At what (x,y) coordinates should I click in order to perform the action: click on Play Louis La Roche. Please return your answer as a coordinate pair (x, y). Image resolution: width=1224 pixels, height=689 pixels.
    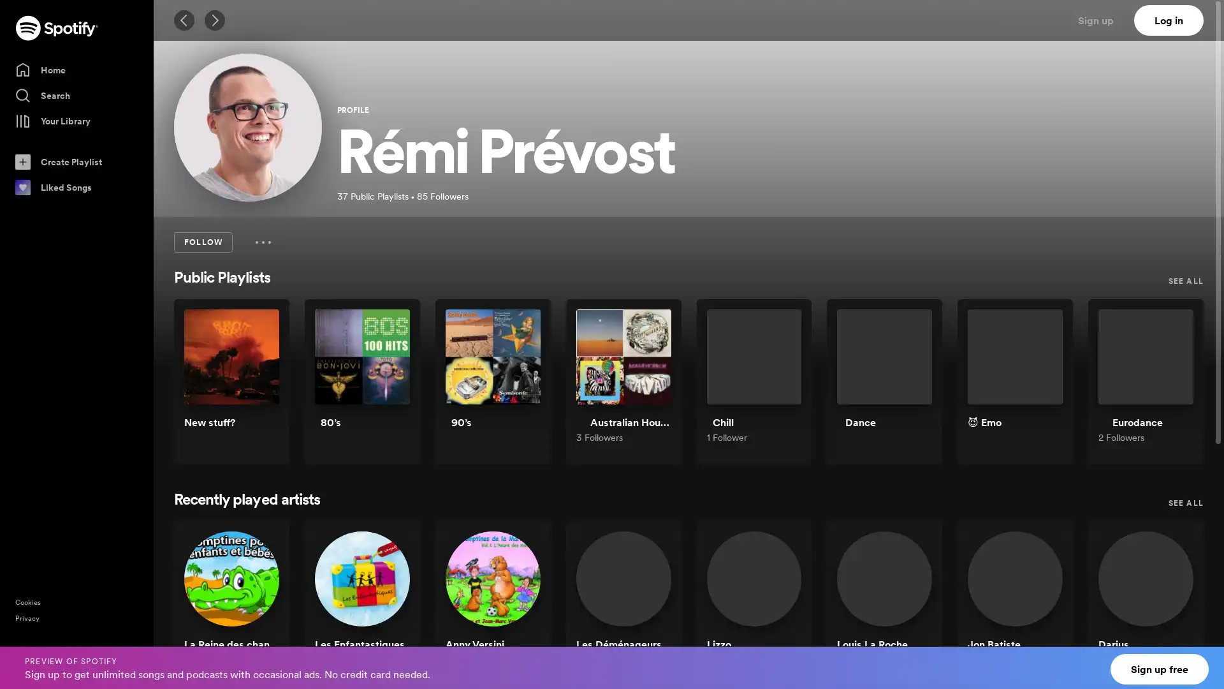
    Looking at the image, I should click on (911, 609).